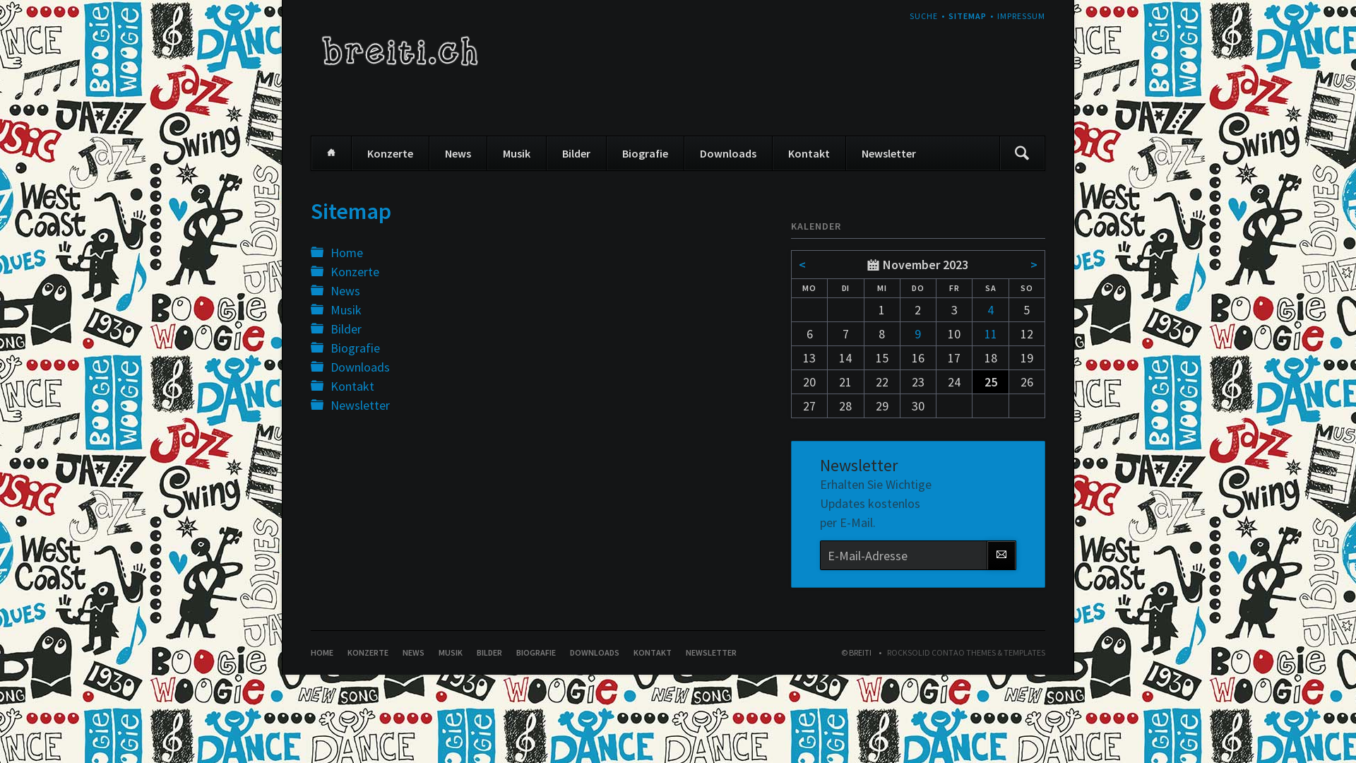 The width and height of the screenshot is (1356, 763). I want to click on 'SUCHE', so click(923, 16).